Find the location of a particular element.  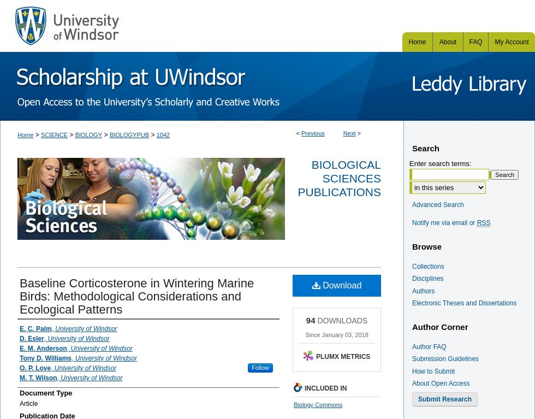

'Author FAQ' is located at coordinates (412, 346).